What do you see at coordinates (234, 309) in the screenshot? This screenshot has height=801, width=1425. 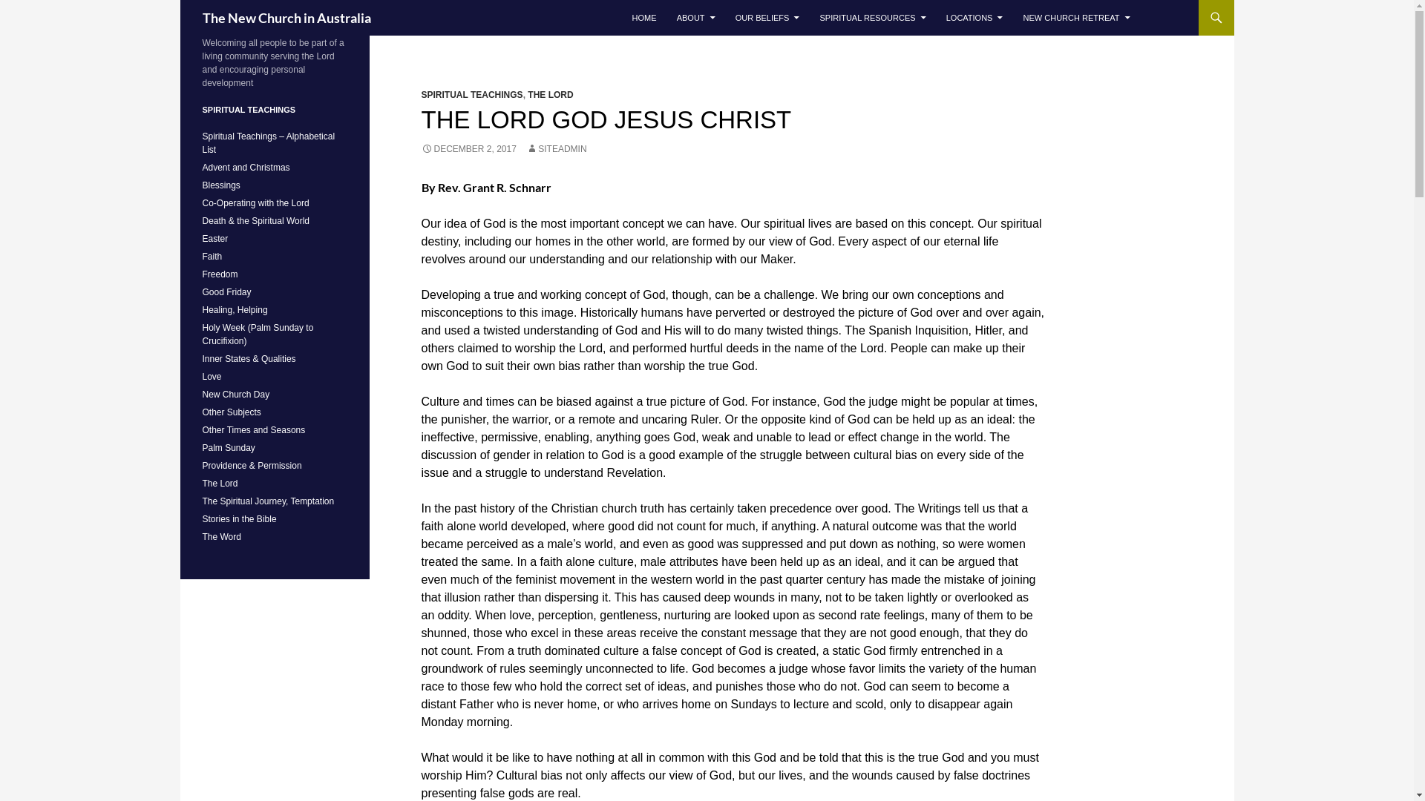 I see `'Healing, Helping'` at bounding box center [234, 309].